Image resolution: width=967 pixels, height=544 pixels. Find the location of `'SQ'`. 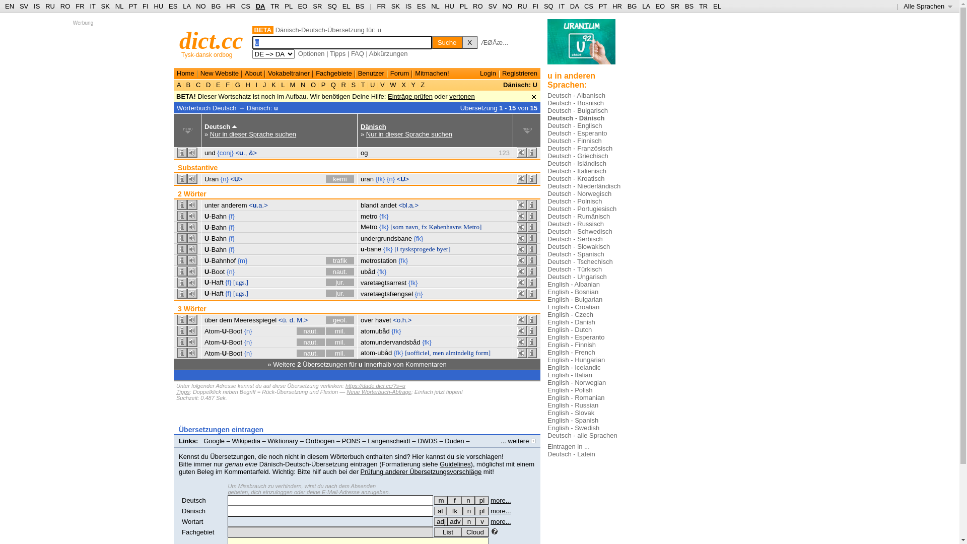

'SQ' is located at coordinates (327, 6).